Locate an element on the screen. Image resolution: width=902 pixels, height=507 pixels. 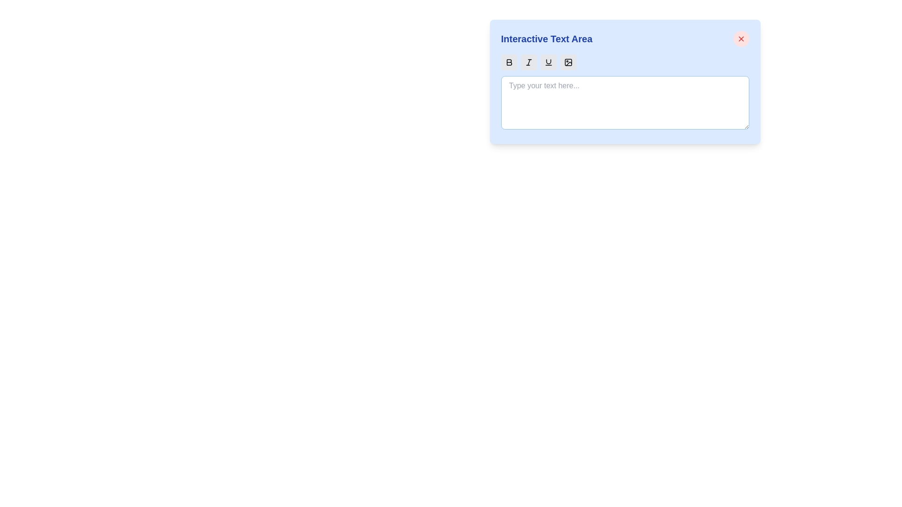
the italic formatting button, which is the second button among a group of formatting buttons above the text input area is located at coordinates (529, 62).